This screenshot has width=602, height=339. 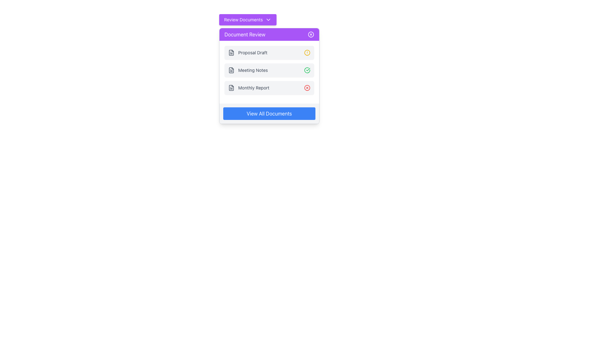 What do you see at coordinates (269, 70) in the screenshot?
I see `the second item` at bounding box center [269, 70].